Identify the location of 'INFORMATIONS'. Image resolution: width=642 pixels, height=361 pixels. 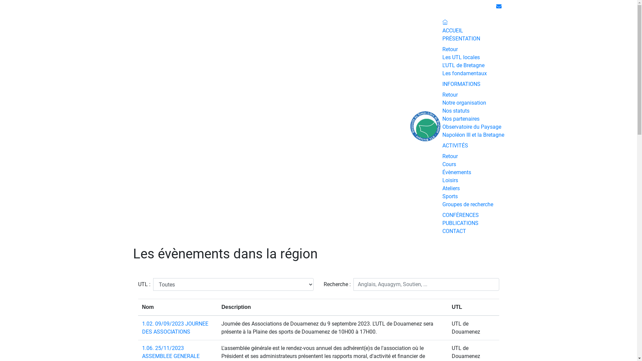
(460, 84).